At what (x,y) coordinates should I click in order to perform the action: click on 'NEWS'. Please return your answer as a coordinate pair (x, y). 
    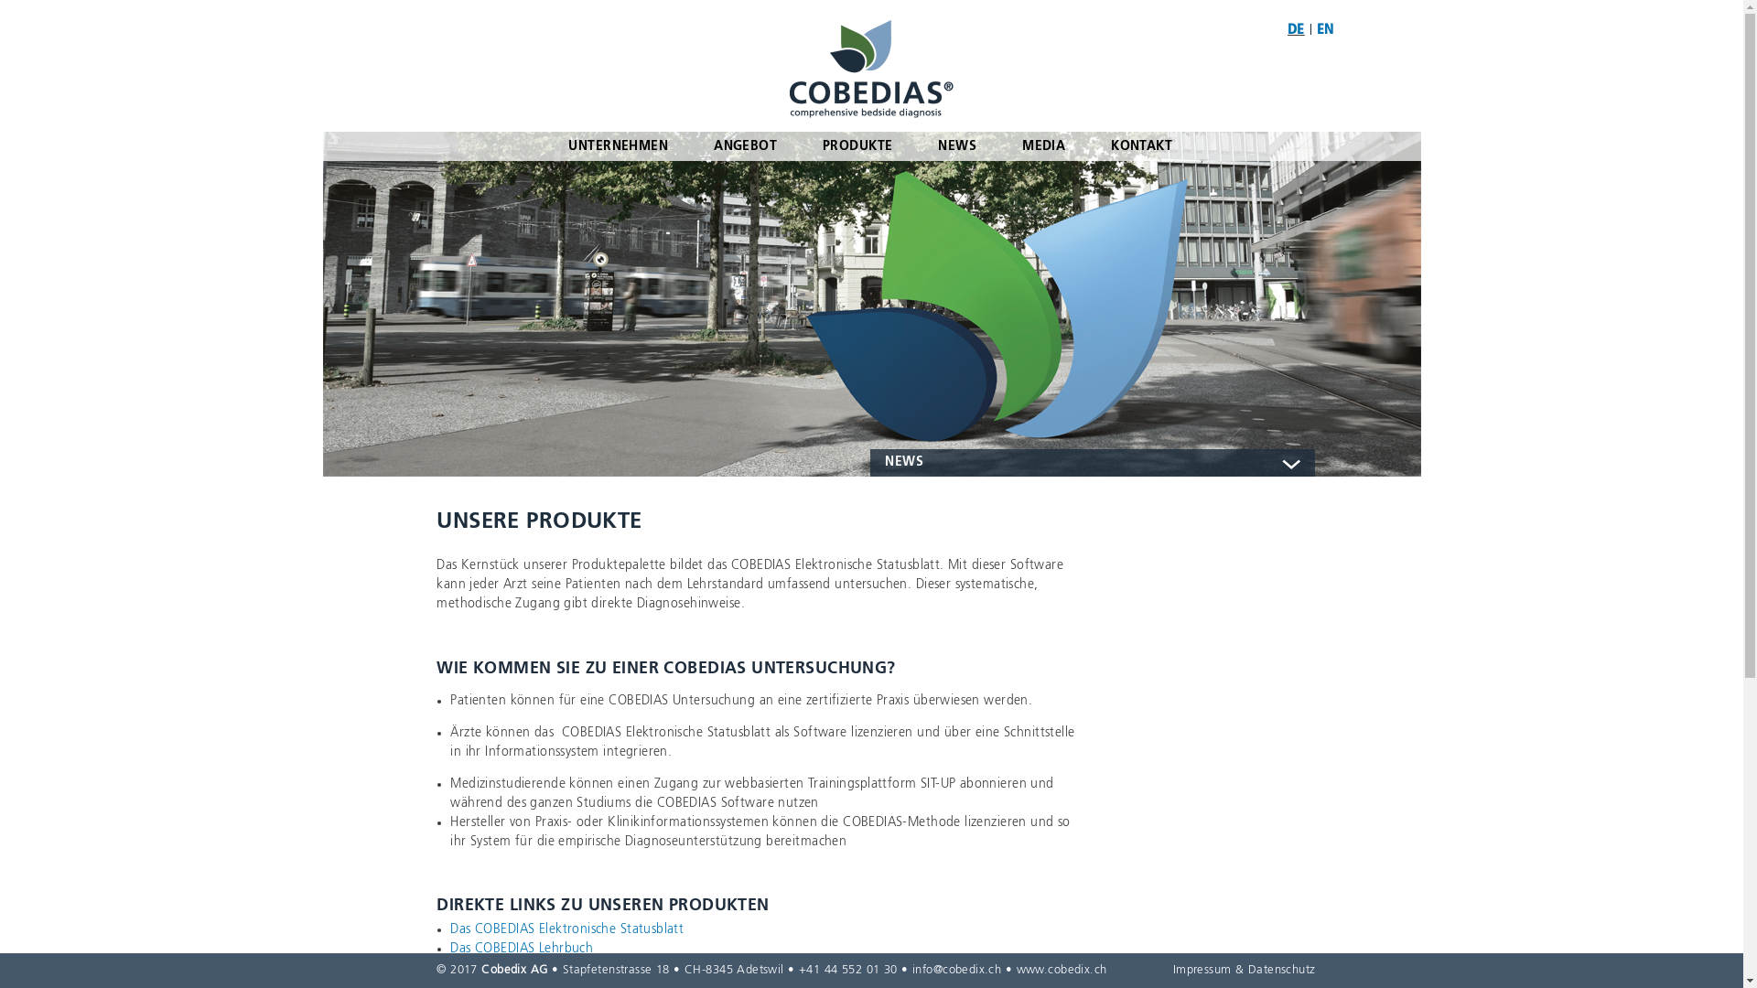
    Looking at the image, I should click on (956, 145).